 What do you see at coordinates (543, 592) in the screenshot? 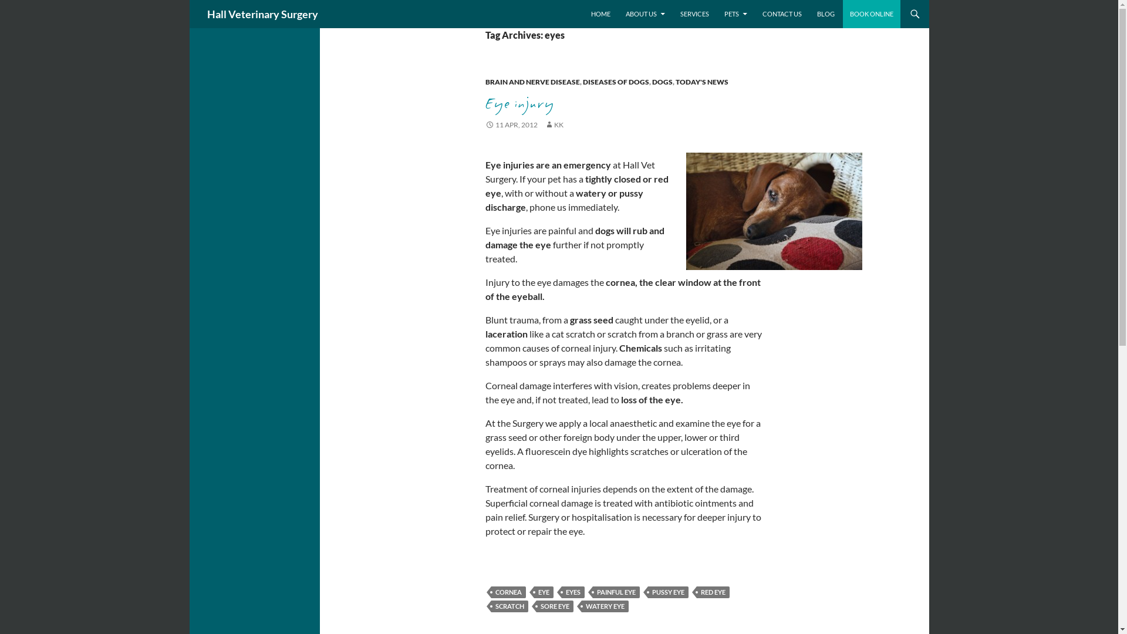
I see `'EYE'` at bounding box center [543, 592].